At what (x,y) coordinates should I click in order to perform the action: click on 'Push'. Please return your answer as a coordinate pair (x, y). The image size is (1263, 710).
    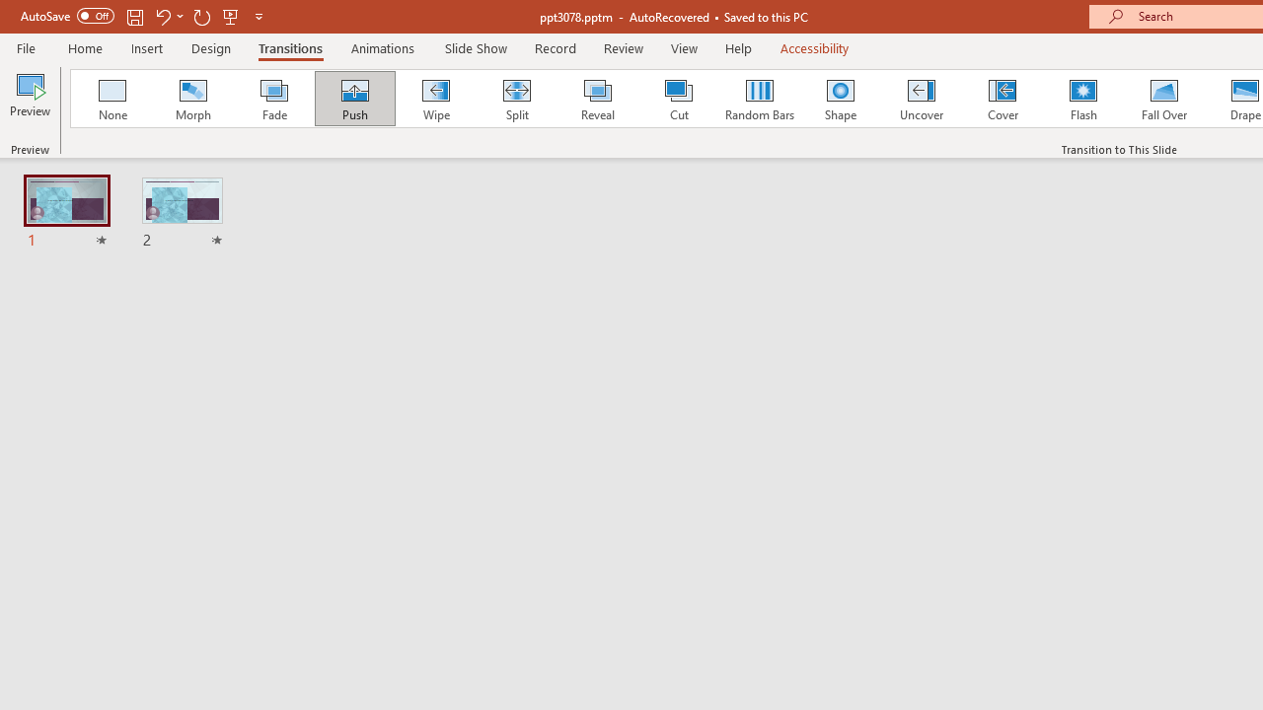
    Looking at the image, I should click on (354, 99).